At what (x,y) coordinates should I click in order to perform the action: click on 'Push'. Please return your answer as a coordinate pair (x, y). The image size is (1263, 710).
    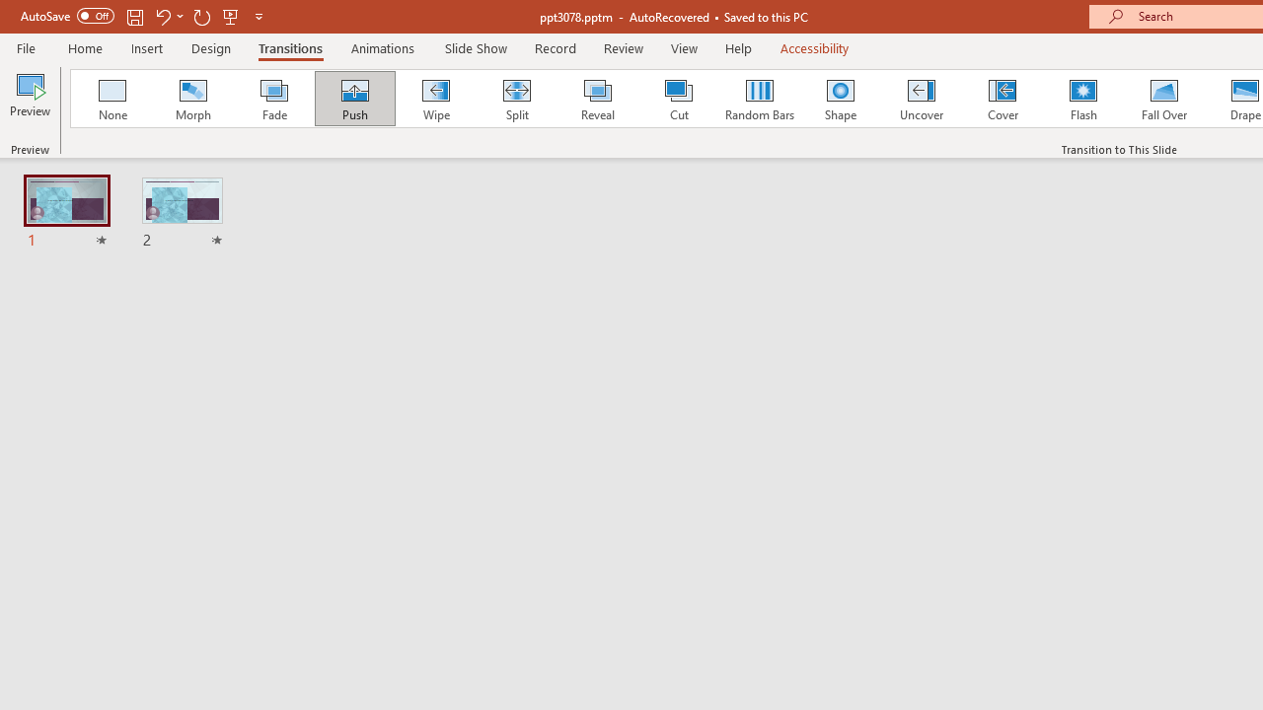
    Looking at the image, I should click on (354, 99).